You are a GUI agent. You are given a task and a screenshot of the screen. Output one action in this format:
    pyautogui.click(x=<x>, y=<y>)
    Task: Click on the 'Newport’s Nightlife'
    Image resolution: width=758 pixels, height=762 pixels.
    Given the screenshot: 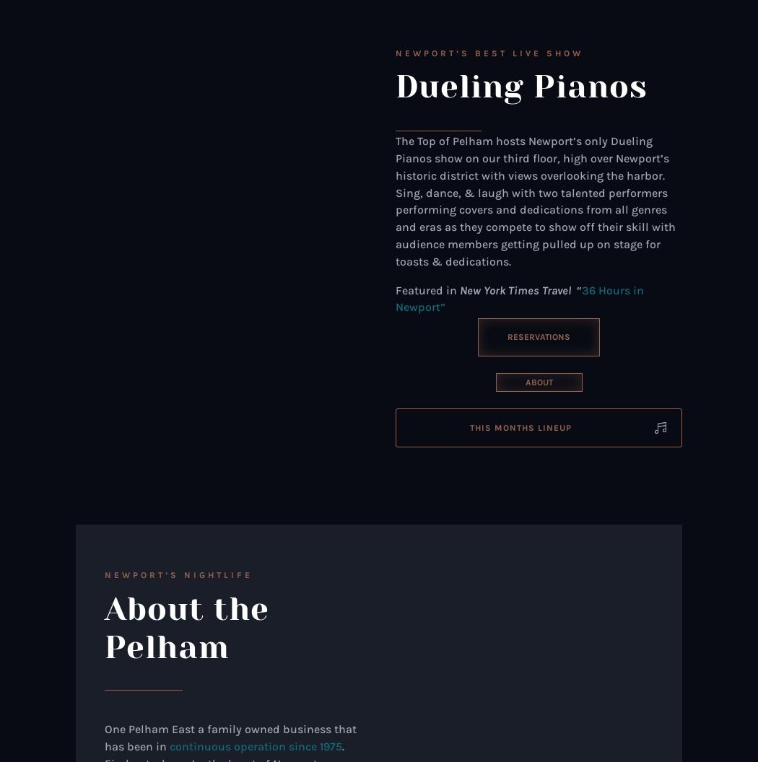 What is the action you would take?
    pyautogui.click(x=178, y=574)
    